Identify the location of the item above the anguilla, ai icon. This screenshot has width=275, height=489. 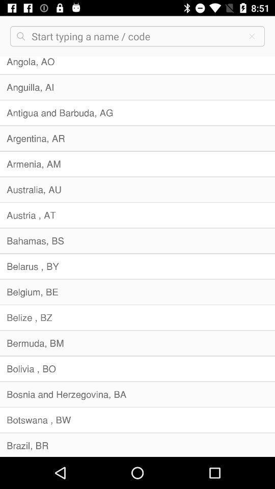
(137, 65).